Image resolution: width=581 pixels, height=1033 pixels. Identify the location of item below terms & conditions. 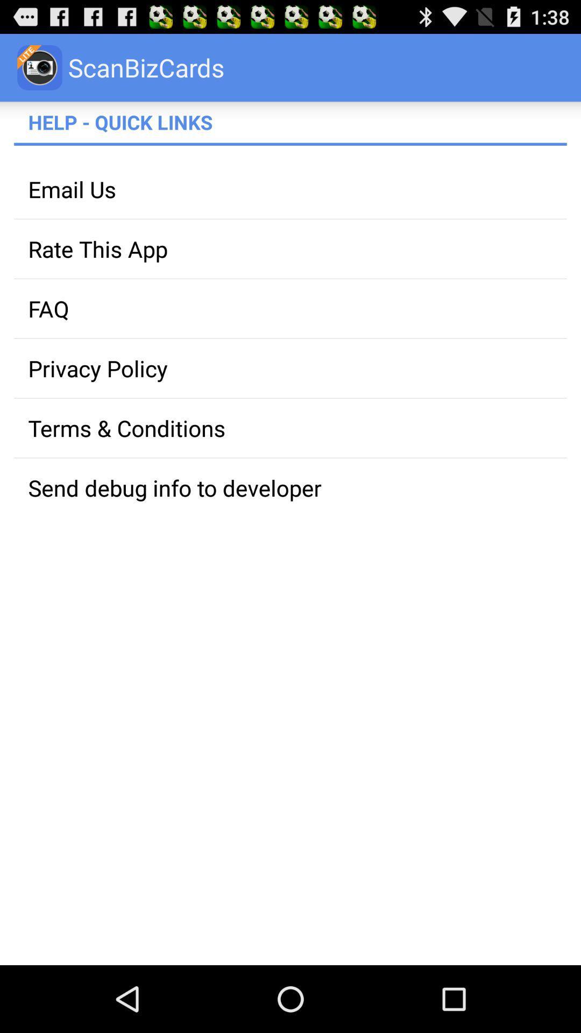
(290, 487).